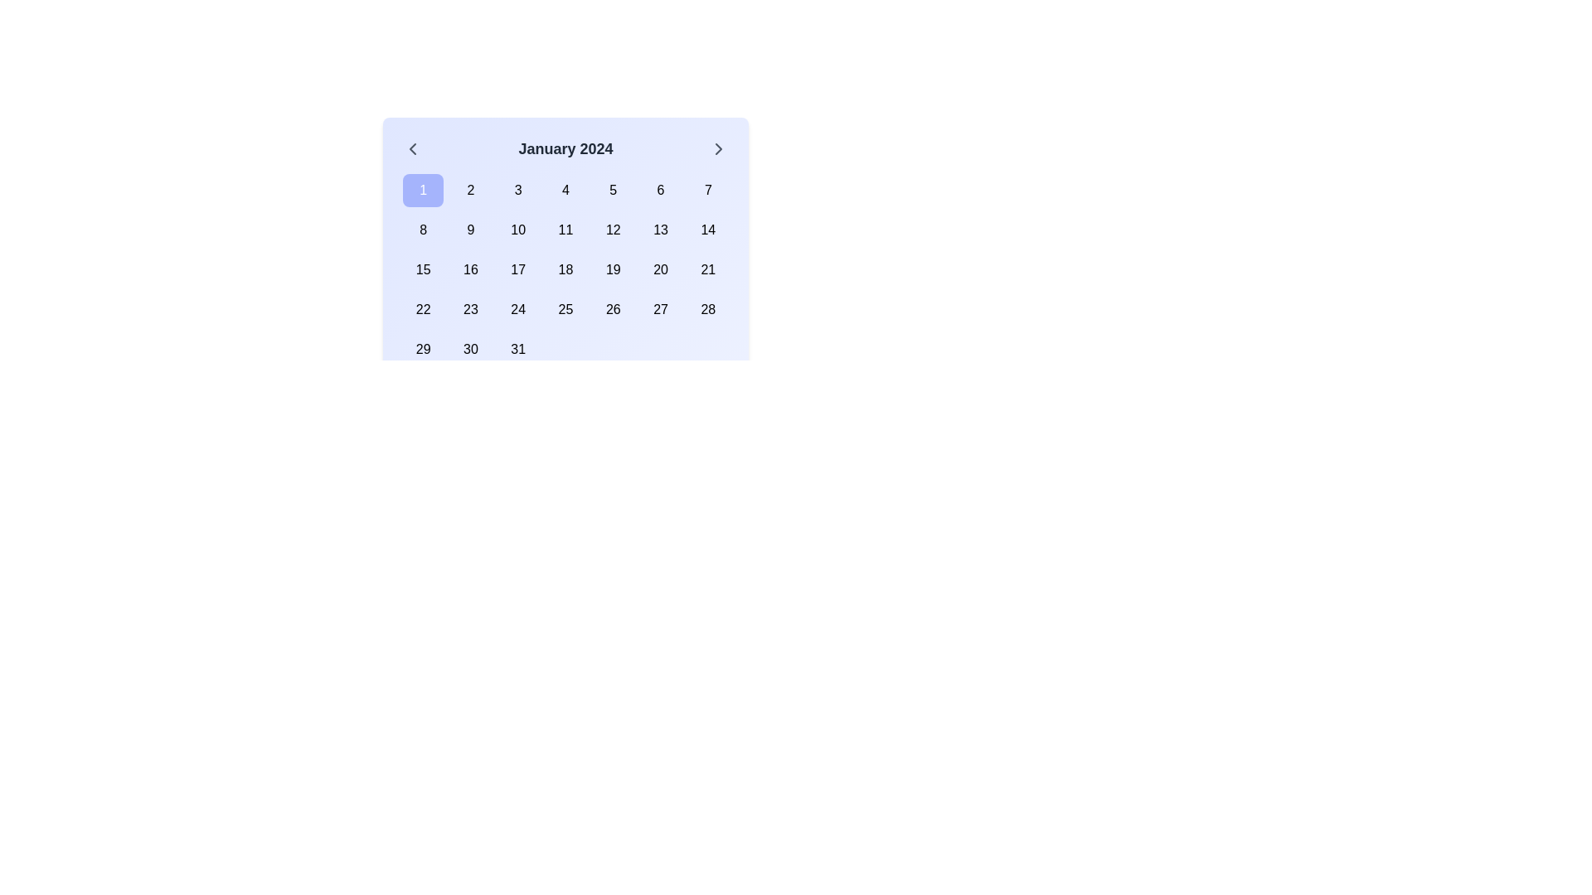 The width and height of the screenshot is (1592, 895). What do you see at coordinates (612, 190) in the screenshot?
I see `the date picker button representing the date '5' in the calendar interface` at bounding box center [612, 190].